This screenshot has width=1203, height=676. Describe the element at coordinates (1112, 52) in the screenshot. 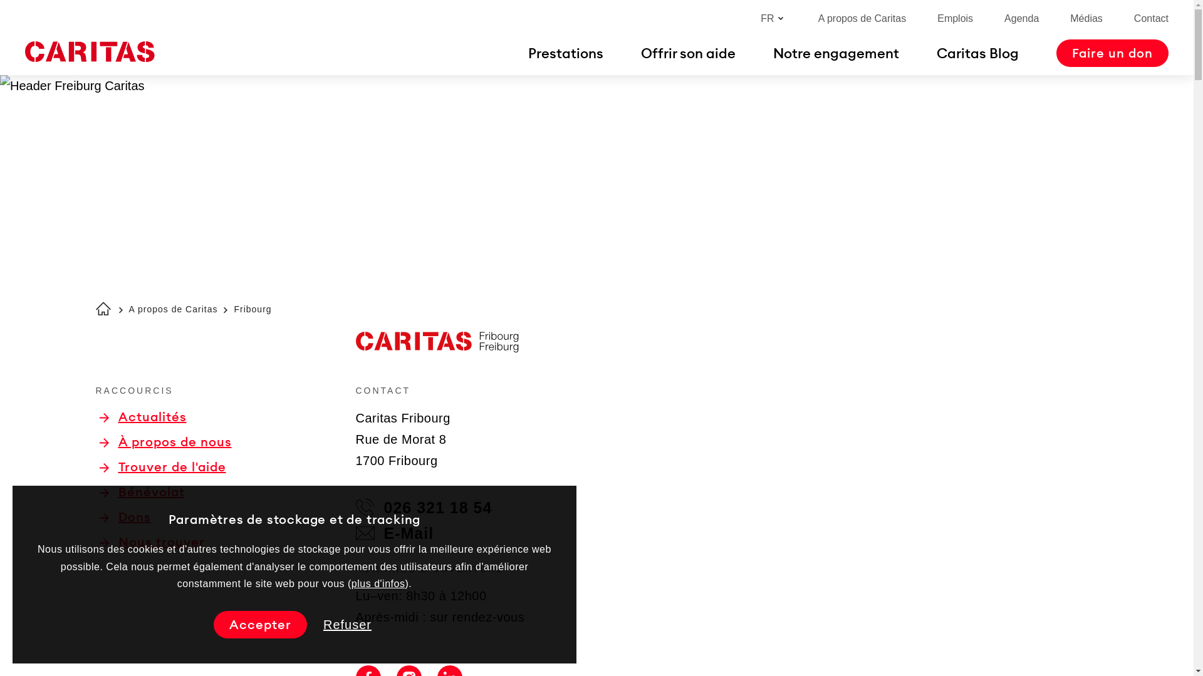

I see `'Faire un don` at that location.